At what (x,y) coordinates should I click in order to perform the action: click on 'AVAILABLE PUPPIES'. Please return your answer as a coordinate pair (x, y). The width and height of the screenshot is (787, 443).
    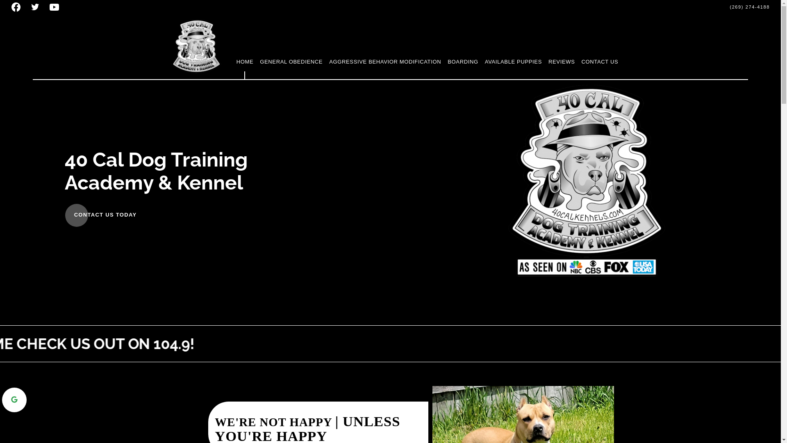
    Looking at the image, I should click on (513, 61).